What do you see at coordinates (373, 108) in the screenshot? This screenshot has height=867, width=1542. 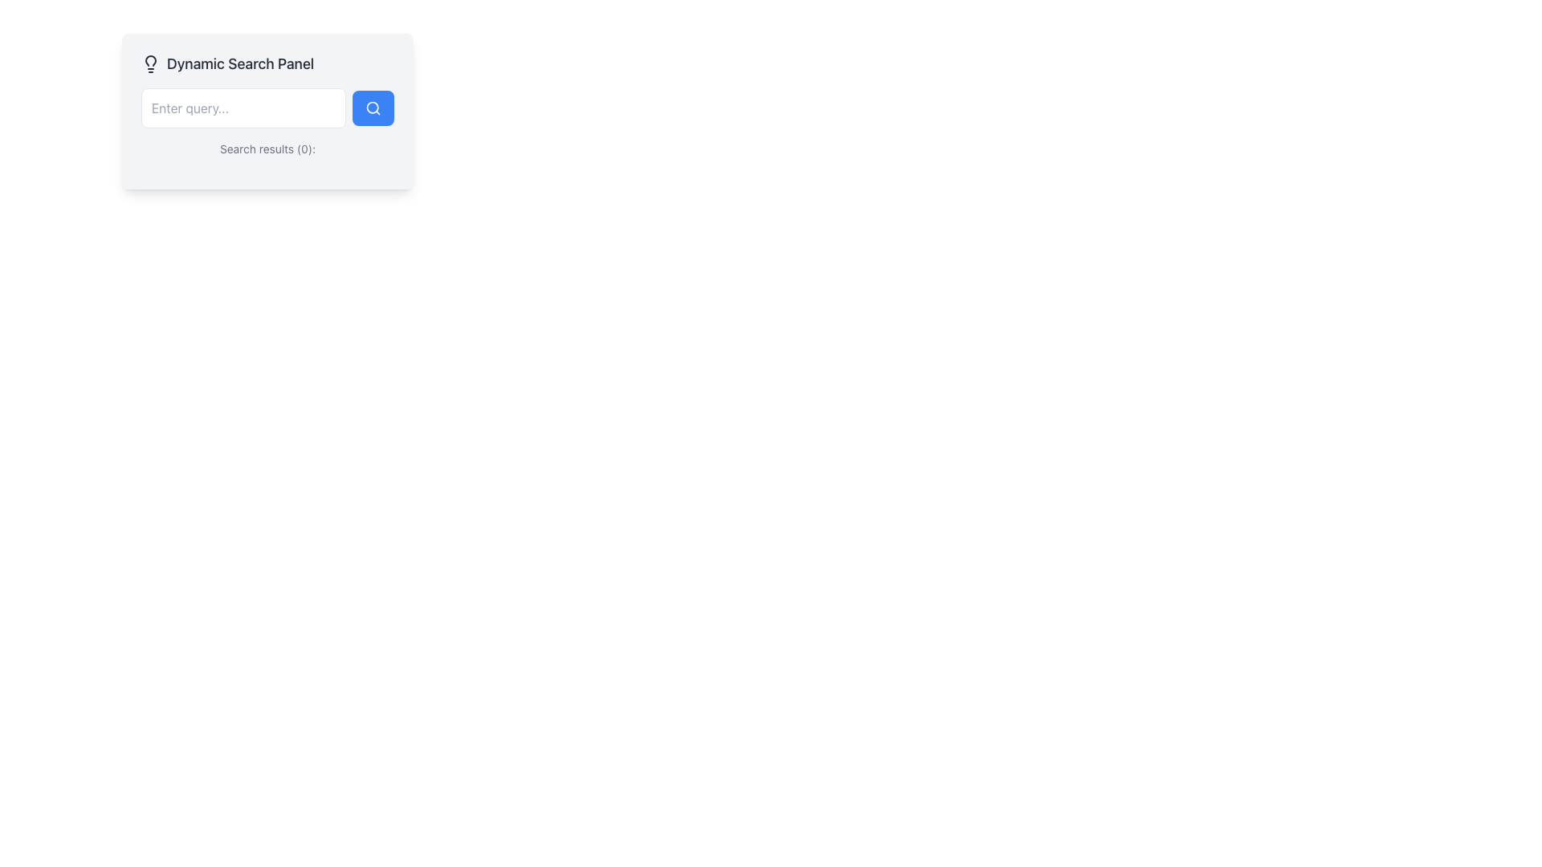 I see `the search button located immediately to the right of the input field labeled 'Enter query...'` at bounding box center [373, 108].